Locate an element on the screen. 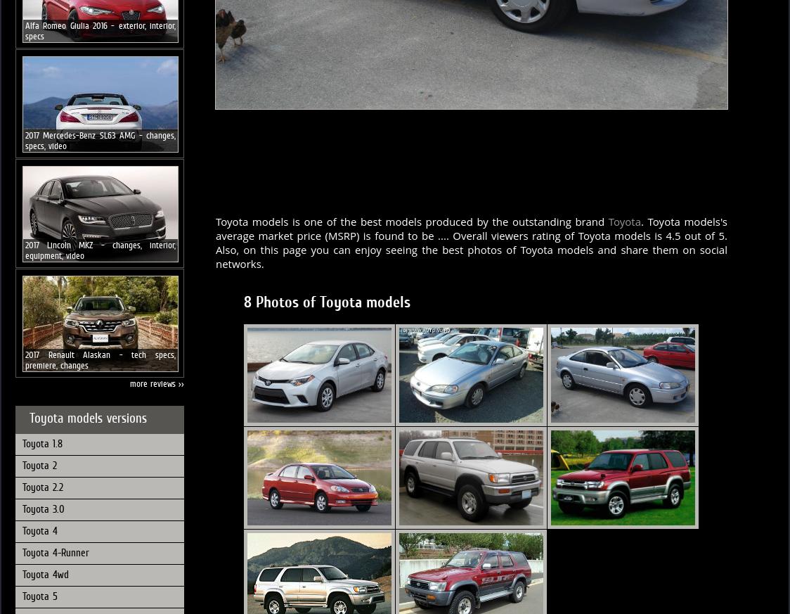  'Alfa Romeo Giulia 2016 - exterior, interior, specs' is located at coordinates (100, 30).